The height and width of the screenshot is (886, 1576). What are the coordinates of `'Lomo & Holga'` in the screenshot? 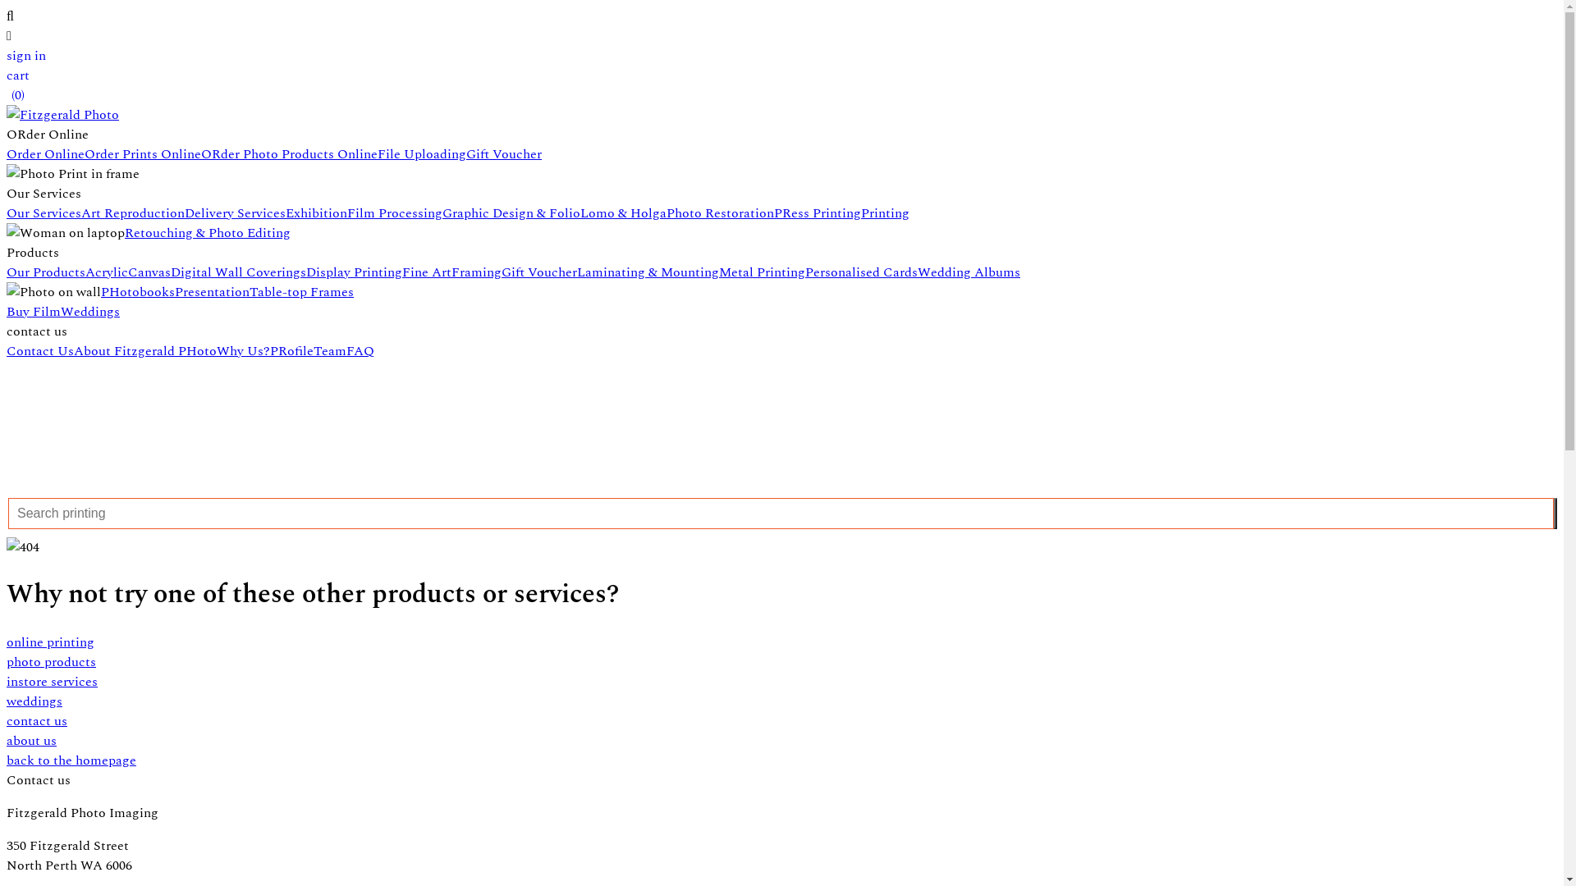 It's located at (622, 212).